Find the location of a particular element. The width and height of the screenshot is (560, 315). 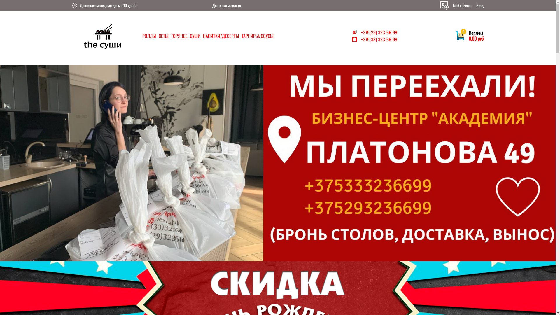

'+375(29) 323-66-99' is located at coordinates (375, 32).